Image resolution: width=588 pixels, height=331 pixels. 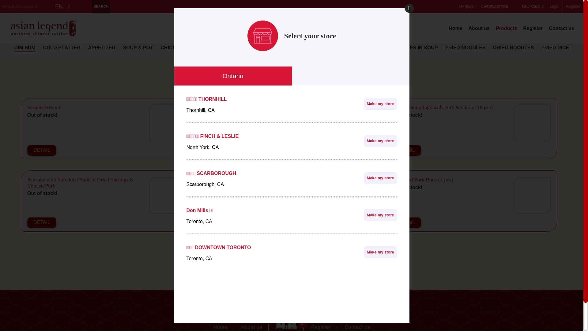 What do you see at coordinates (493, 47) in the screenshot?
I see `'DRIED NOODLES'` at bounding box center [493, 47].